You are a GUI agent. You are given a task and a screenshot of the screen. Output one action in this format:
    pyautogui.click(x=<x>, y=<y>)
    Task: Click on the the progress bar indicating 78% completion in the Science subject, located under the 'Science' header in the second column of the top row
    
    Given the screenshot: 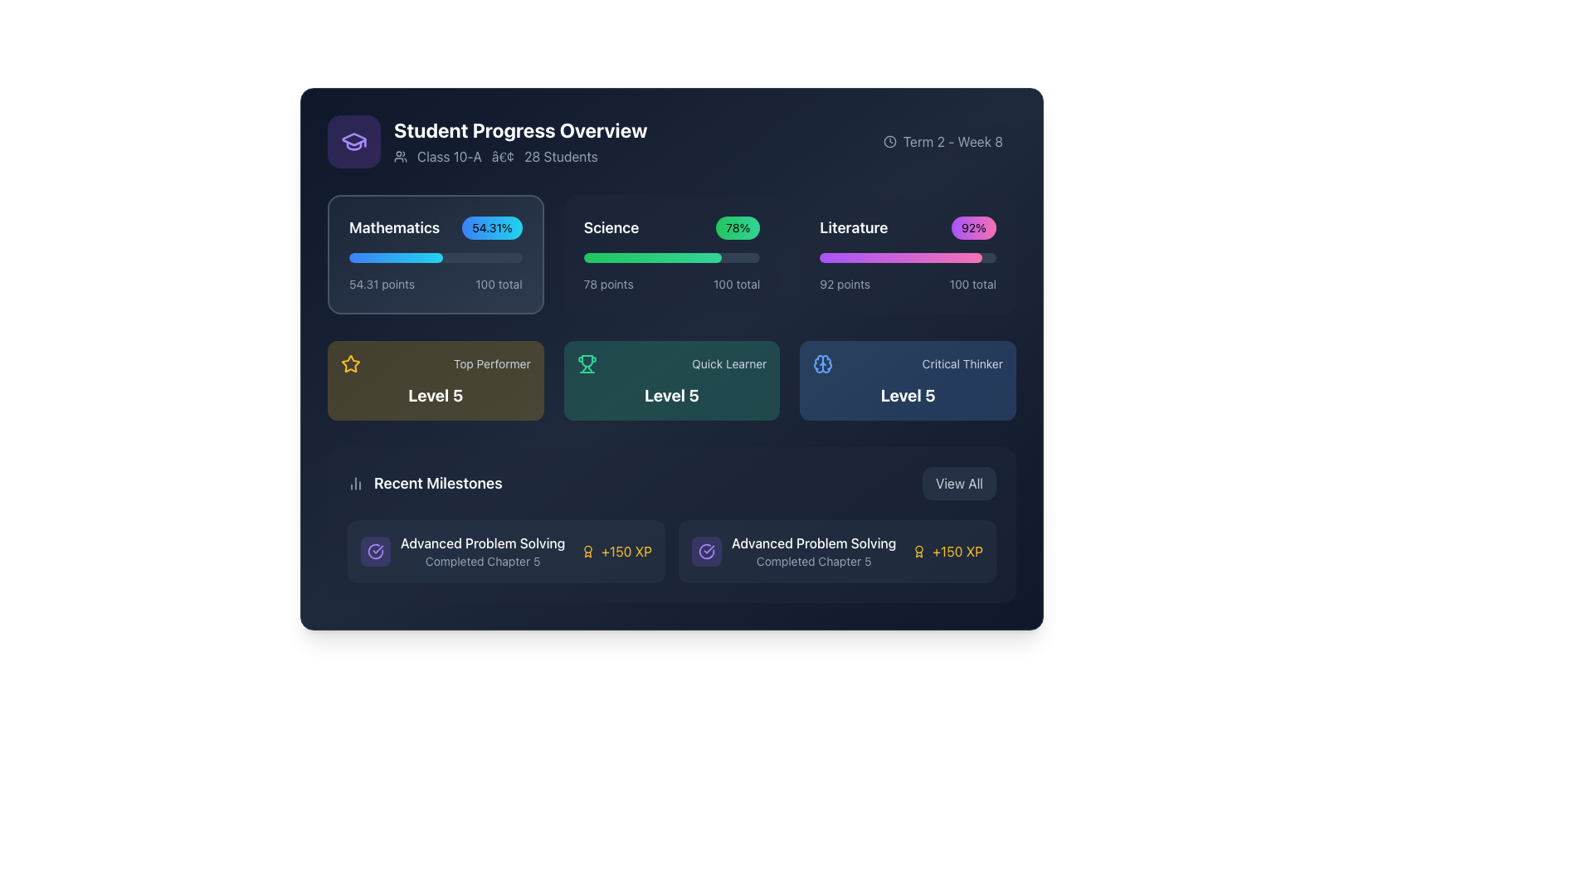 What is the action you would take?
    pyautogui.click(x=672, y=258)
    